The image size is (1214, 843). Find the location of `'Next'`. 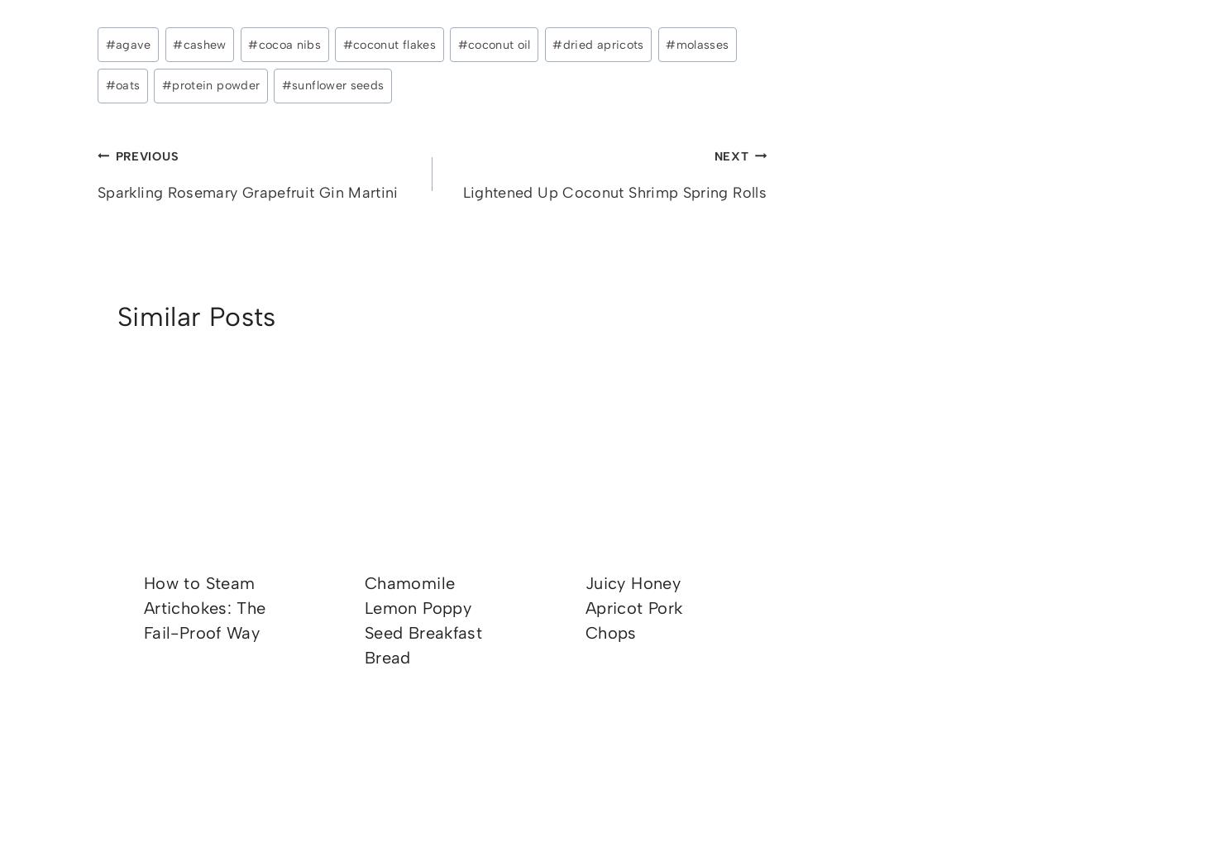

'Next' is located at coordinates (730, 155).